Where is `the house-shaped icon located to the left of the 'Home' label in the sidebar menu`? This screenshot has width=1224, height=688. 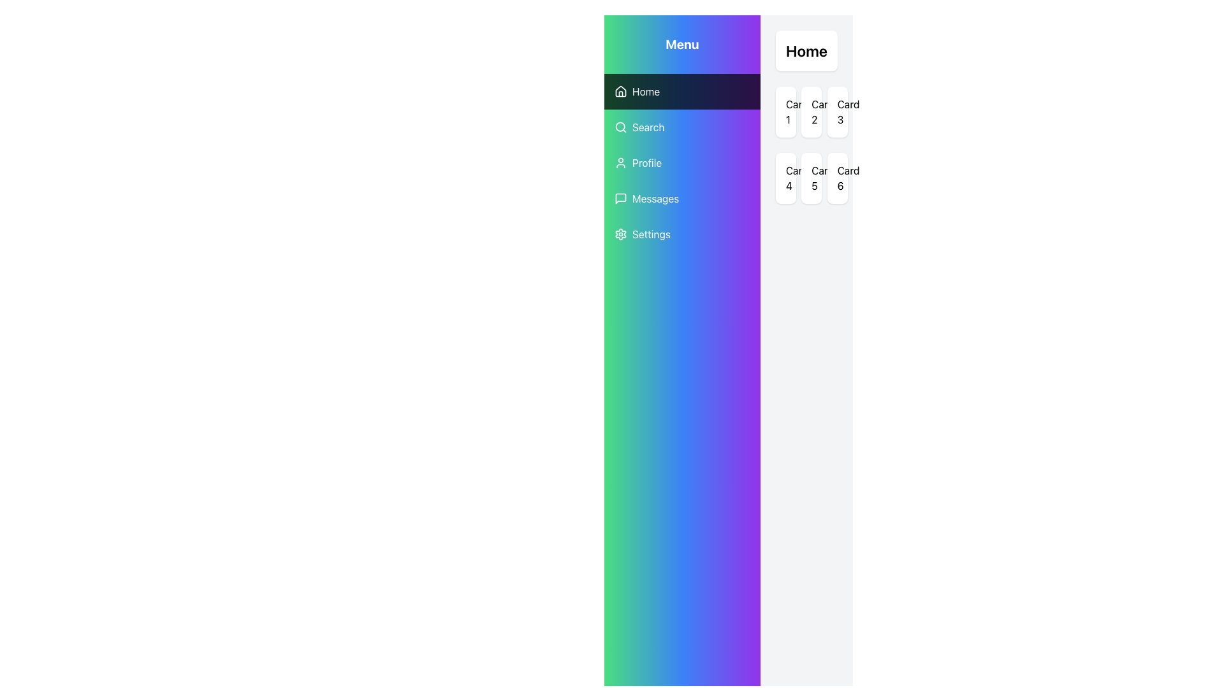 the house-shaped icon located to the left of the 'Home' label in the sidebar menu is located at coordinates (621, 90).